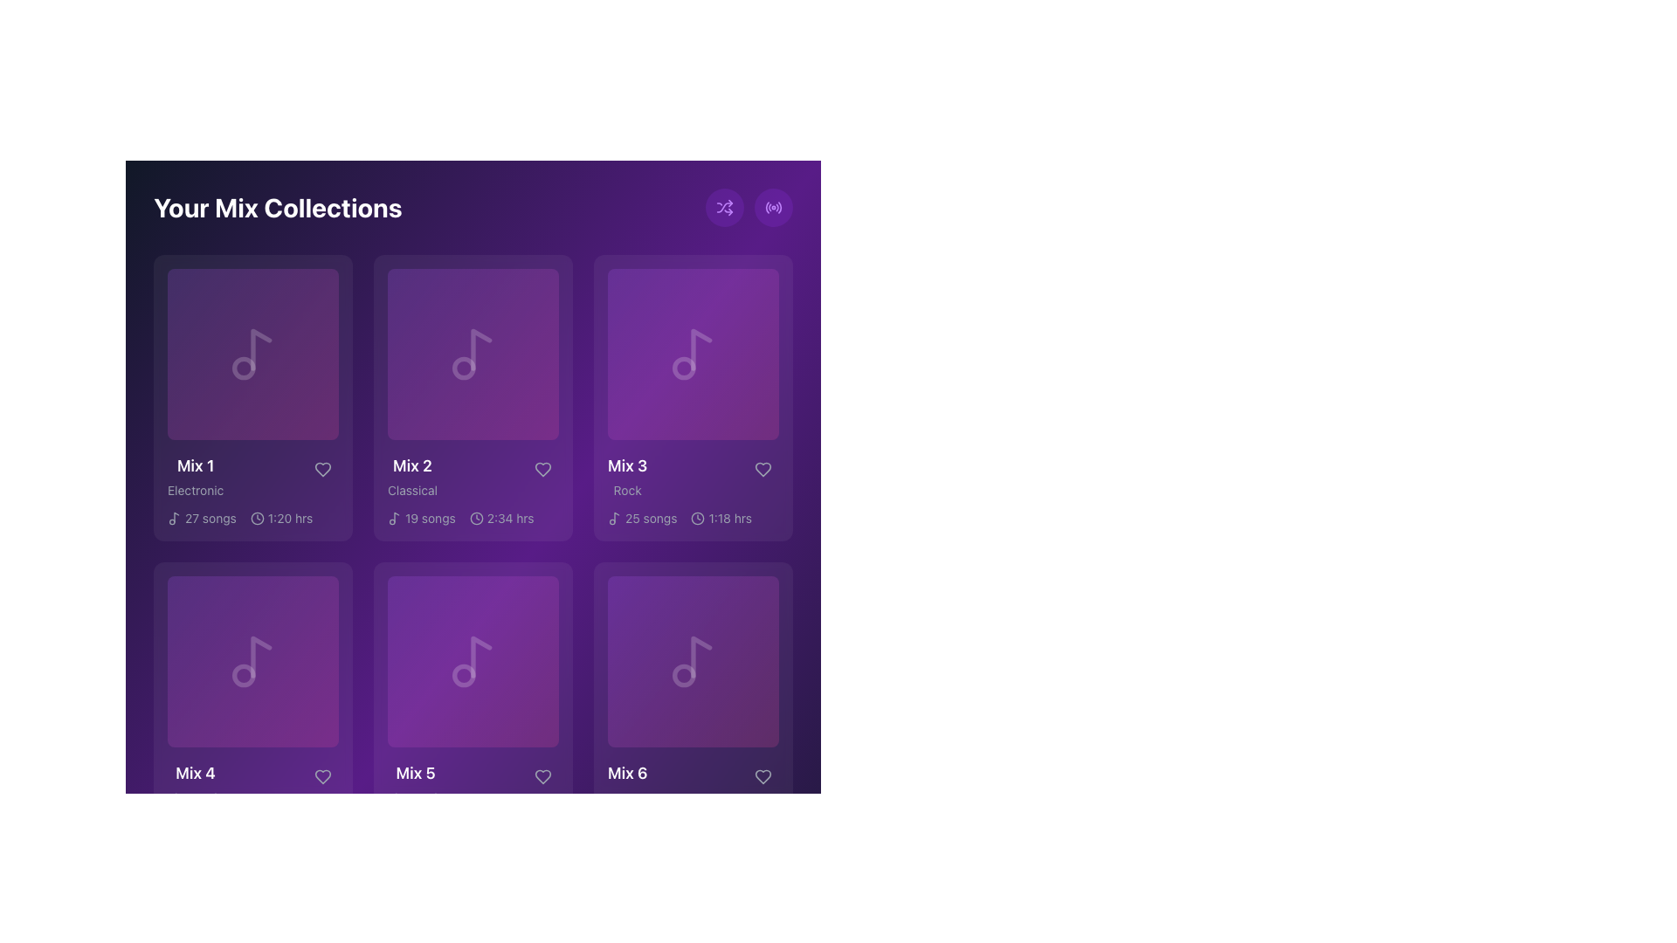 The height and width of the screenshot is (943, 1677). Describe the element at coordinates (692, 662) in the screenshot. I see `the music-related icon located in the bottom-right corner of the sixth mix card in the collection area` at that location.